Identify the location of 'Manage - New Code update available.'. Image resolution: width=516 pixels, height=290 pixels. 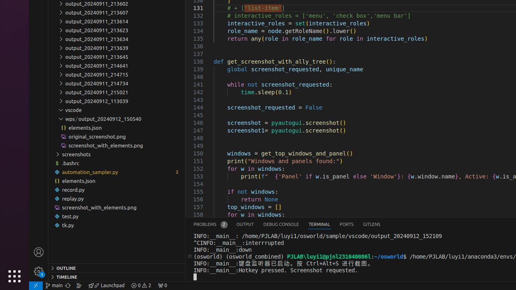
(38, 271).